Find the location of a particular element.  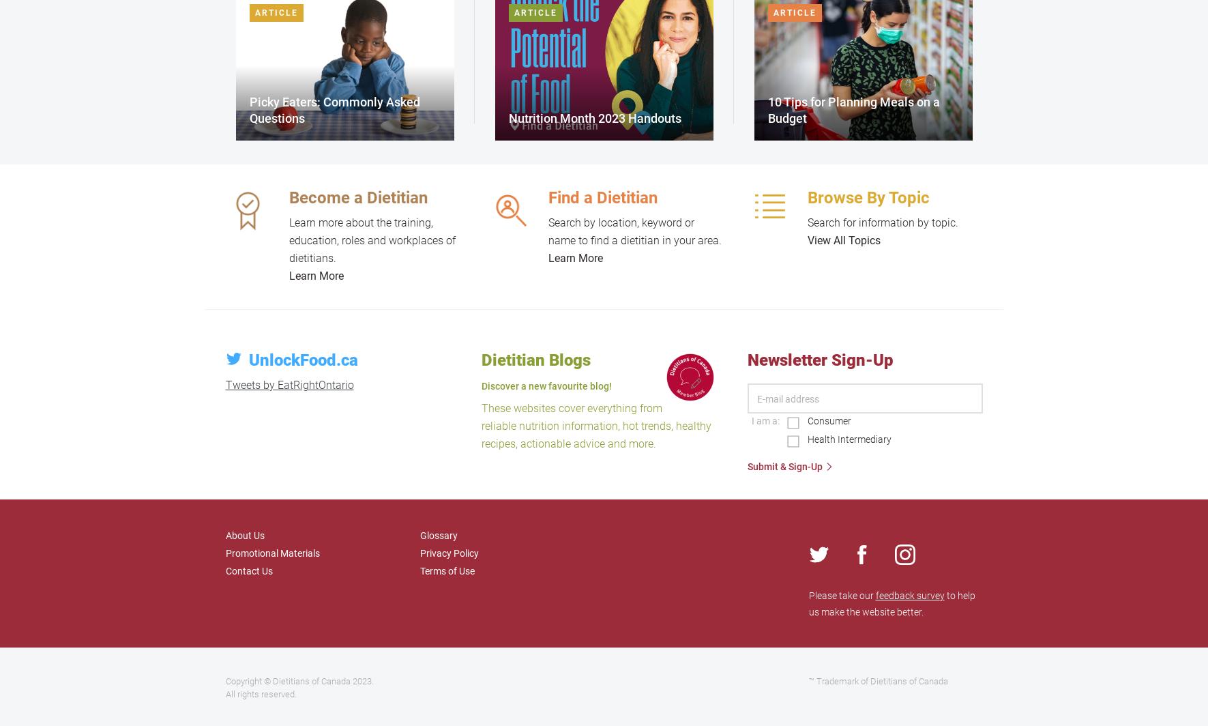

'UnlockFood.ca' is located at coordinates (302, 360).